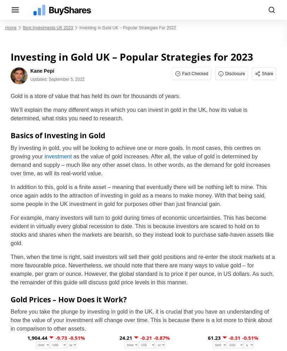 The image size is (287, 351). Describe the element at coordinates (267, 73) in the screenshot. I see `'Share'` at that location.